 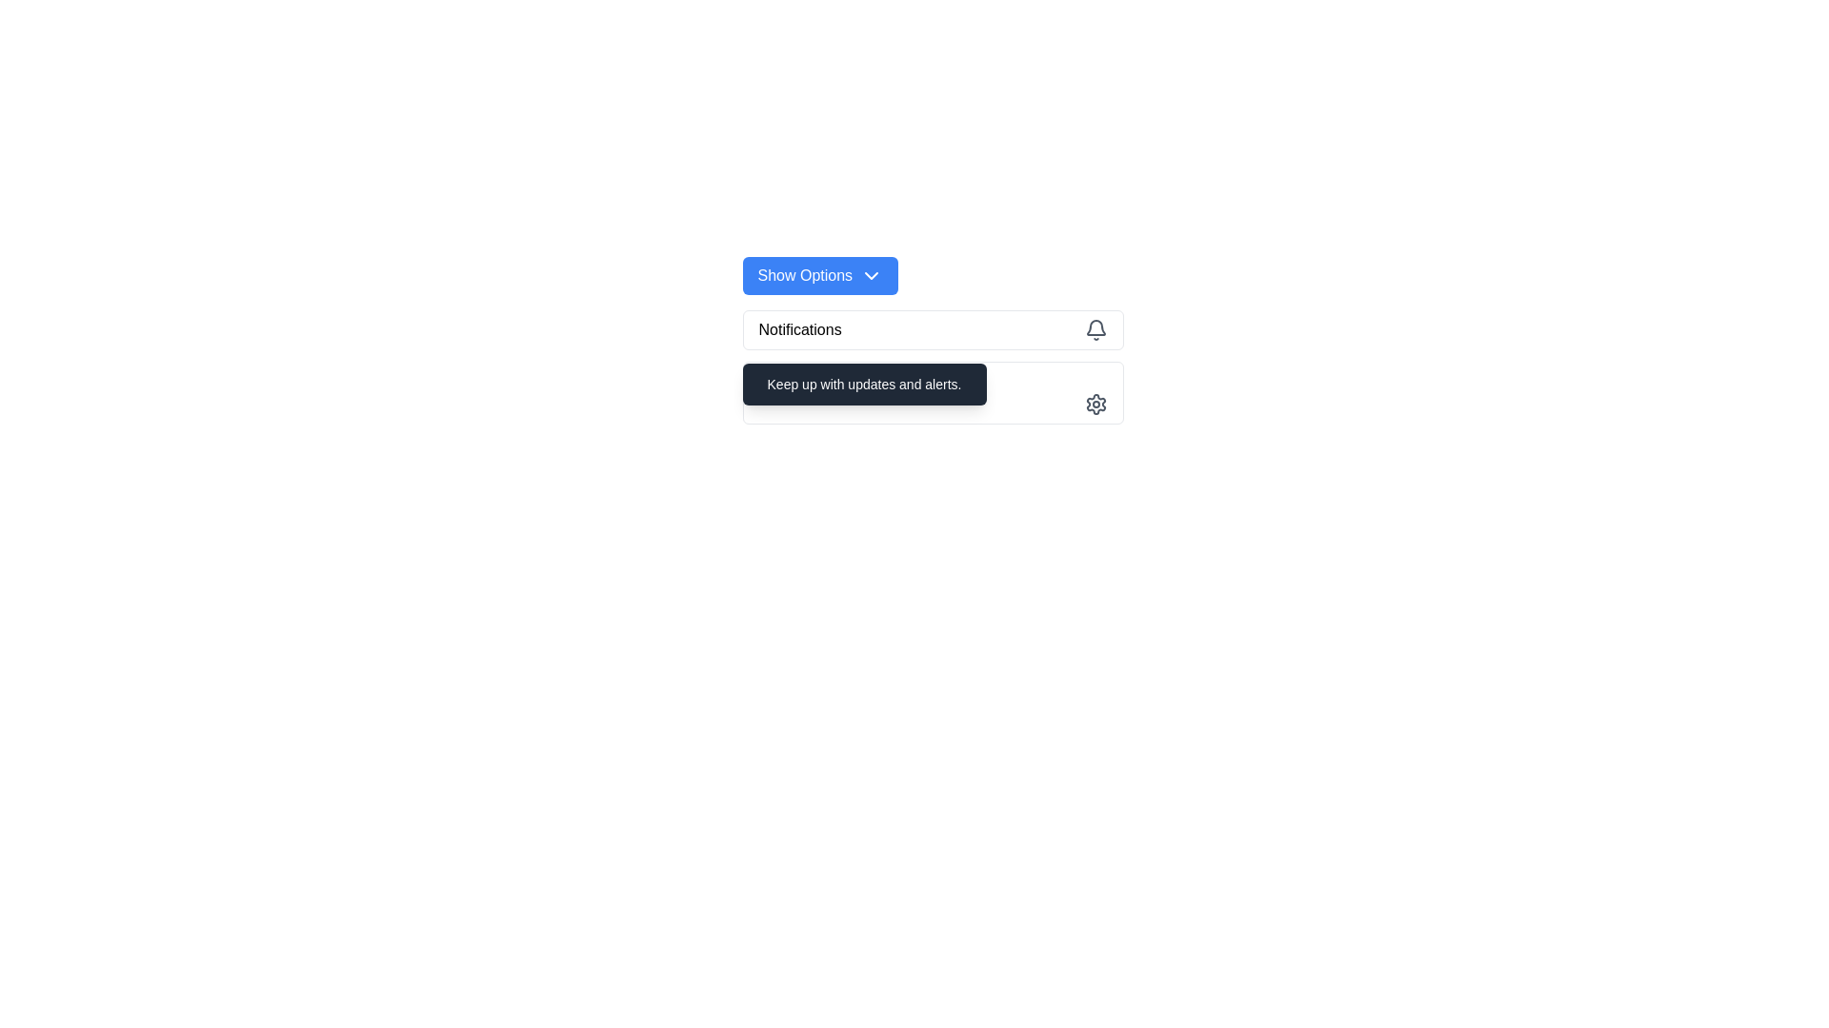 I want to click on the icon or SVG graphic located at the rightmost position within the 'Settings' button, adjacent to the text 'Settings', so click(x=1095, y=403).